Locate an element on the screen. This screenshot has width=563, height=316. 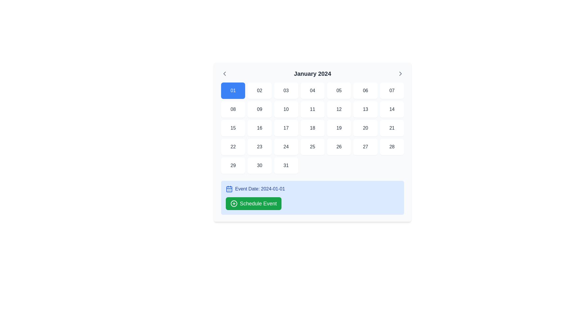
the rectangular button with rounded corners that displays the number '28' in bold, dark text, located in the fourth row and seventh column of the calendar grid is located at coordinates (392, 146).